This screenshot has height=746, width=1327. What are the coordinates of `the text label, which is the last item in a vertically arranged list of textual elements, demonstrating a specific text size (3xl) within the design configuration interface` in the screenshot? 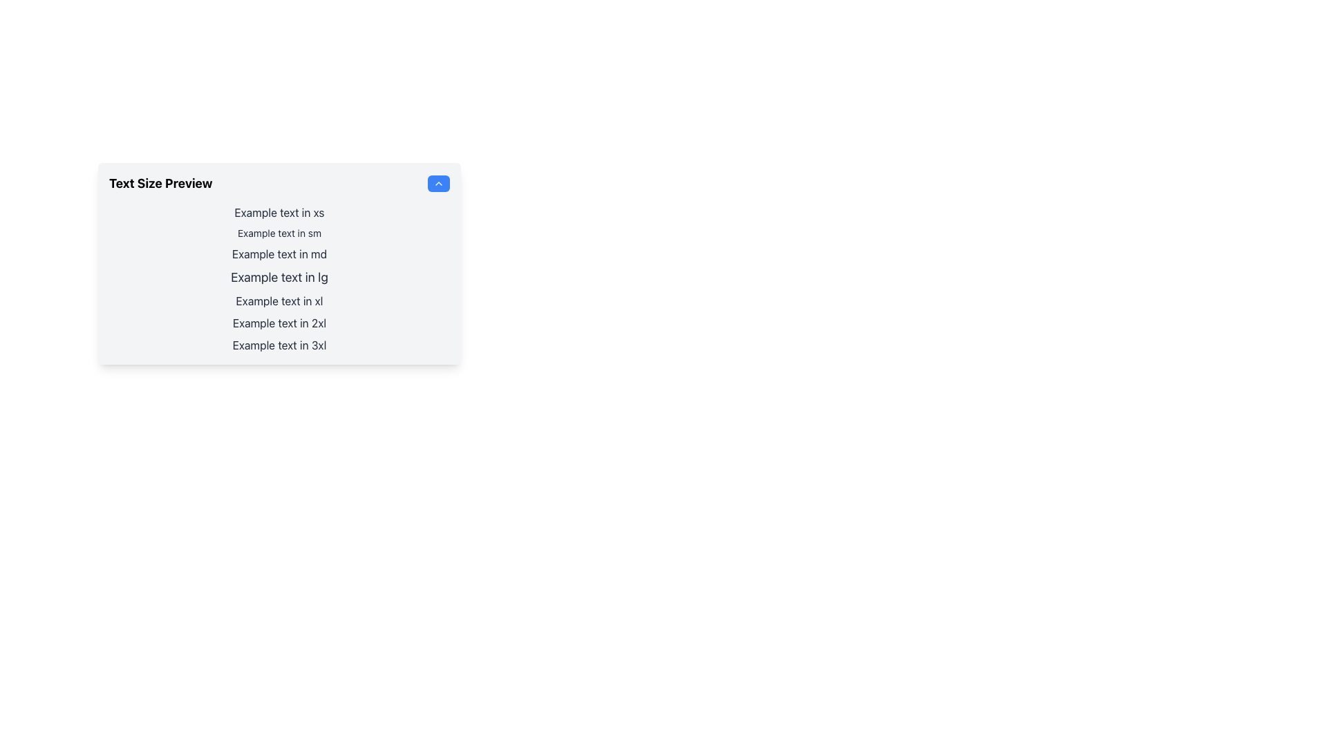 It's located at (279, 345).